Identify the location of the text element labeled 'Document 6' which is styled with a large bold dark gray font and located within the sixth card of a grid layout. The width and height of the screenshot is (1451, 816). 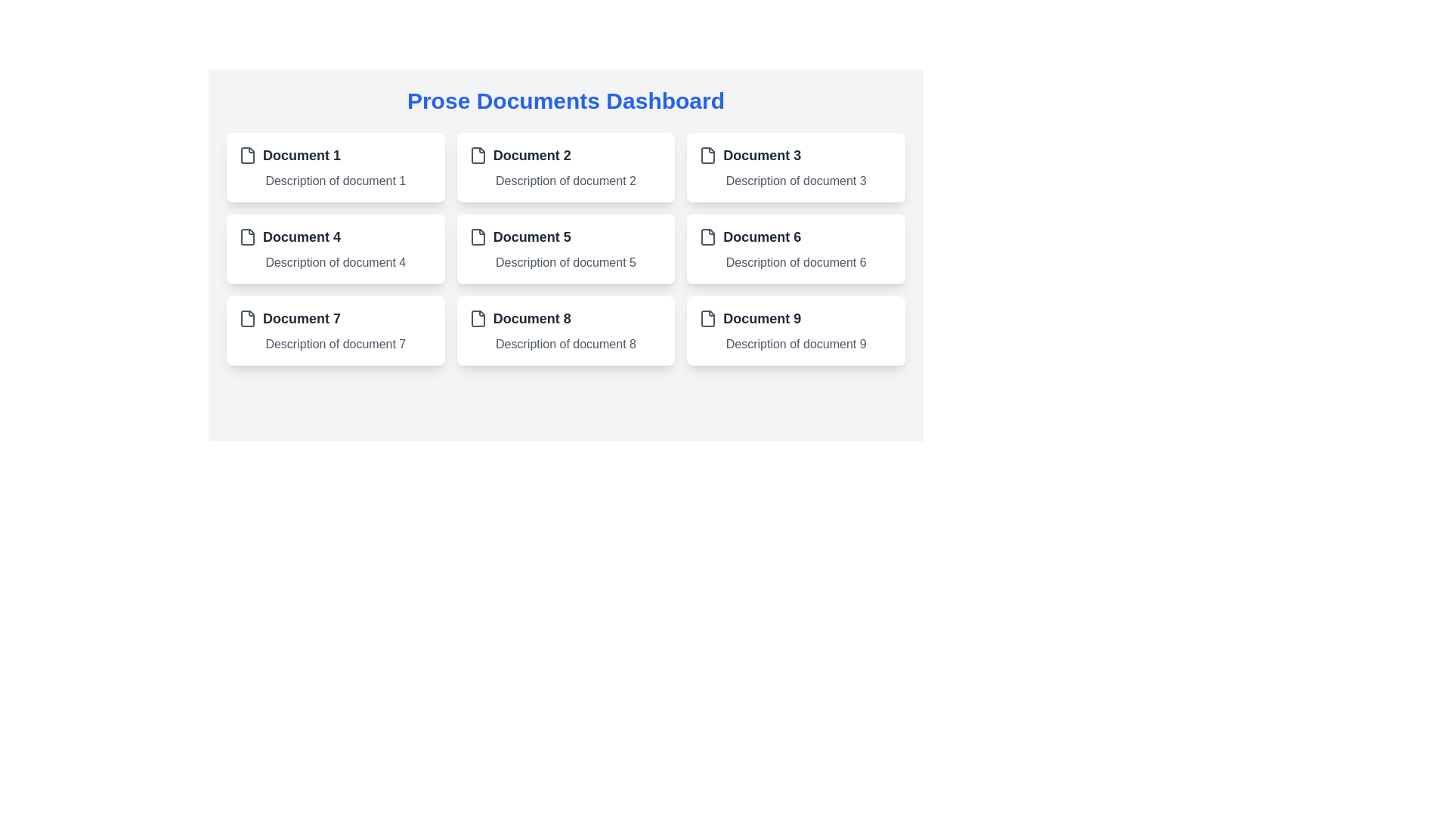
(762, 236).